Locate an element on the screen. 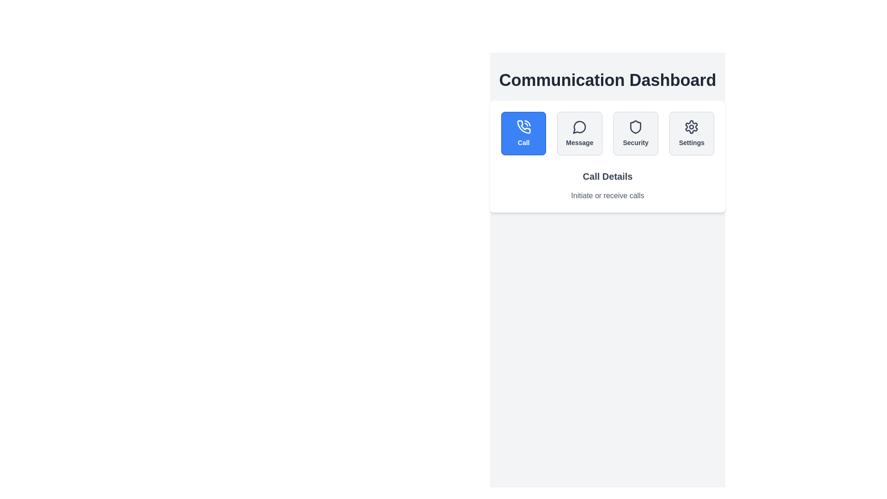 This screenshot has height=499, width=887. the stylized shield icon, which is the third icon from the left in a group of four icons below the 'Communication Dashboard' heading is located at coordinates (635, 127).